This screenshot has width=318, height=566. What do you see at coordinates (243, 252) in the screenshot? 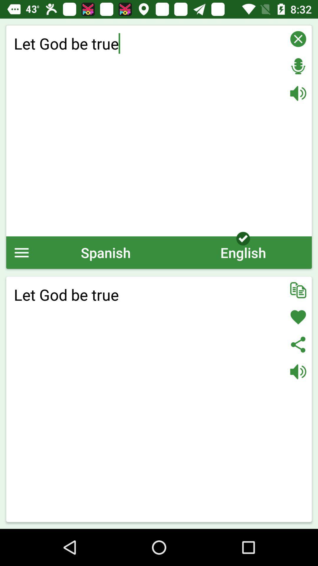
I see `icon next to the spanish` at bounding box center [243, 252].